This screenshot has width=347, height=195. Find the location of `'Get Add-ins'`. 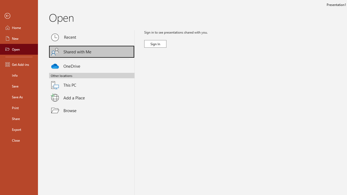

'Get Add-ins' is located at coordinates (19, 64).